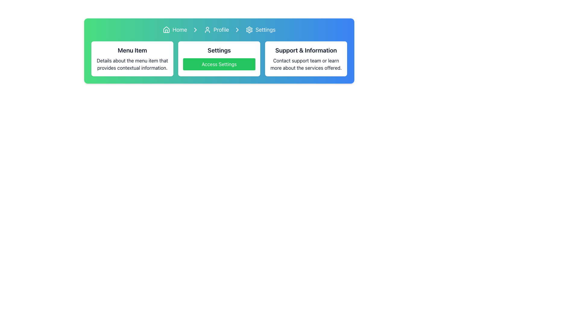 The image size is (579, 326). Describe the element at coordinates (265, 30) in the screenshot. I see `the 'Settings' static text label located in the breadcrumb navigation bar at the top of the interface` at that location.